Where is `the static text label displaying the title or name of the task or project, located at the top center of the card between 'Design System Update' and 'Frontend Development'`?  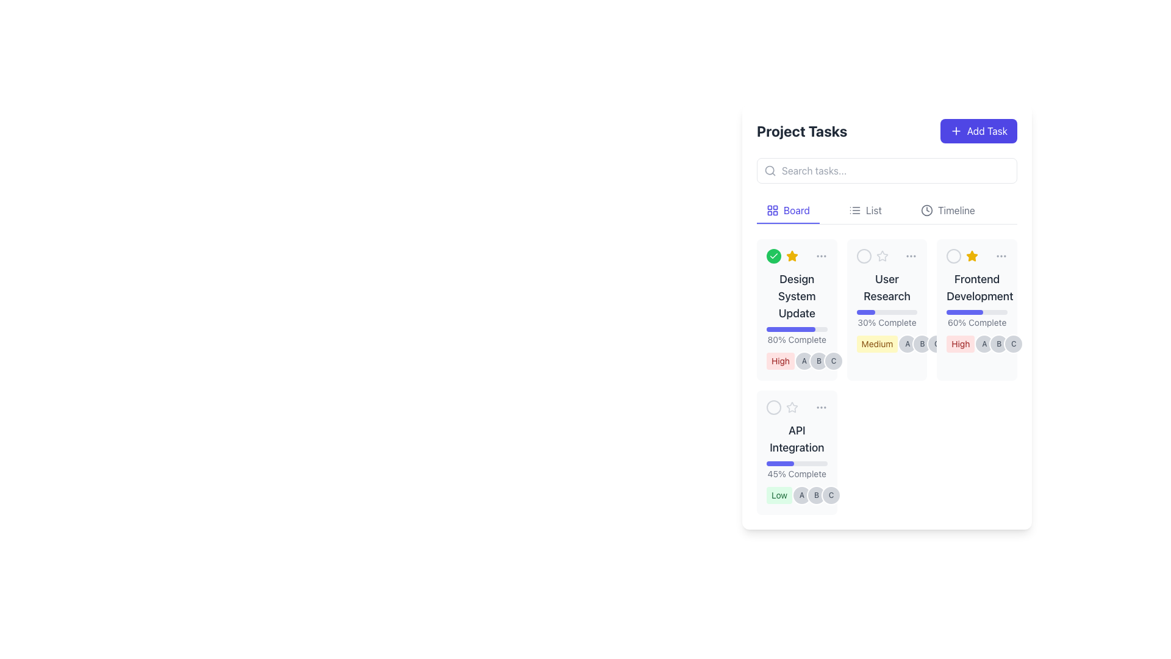 the static text label displaying the title or name of the task or project, located at the top center of the card between 'Design System Update' and 'Frontend Development' is located at coordinates (887, 287).